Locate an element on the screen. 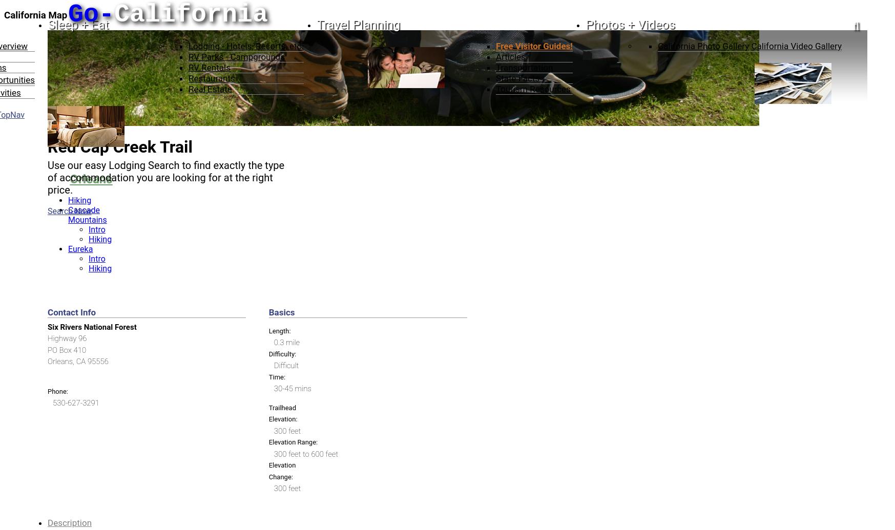 This screenshot has height=530, width=895. 'Contact Info' is located at coordinates (47, 311).